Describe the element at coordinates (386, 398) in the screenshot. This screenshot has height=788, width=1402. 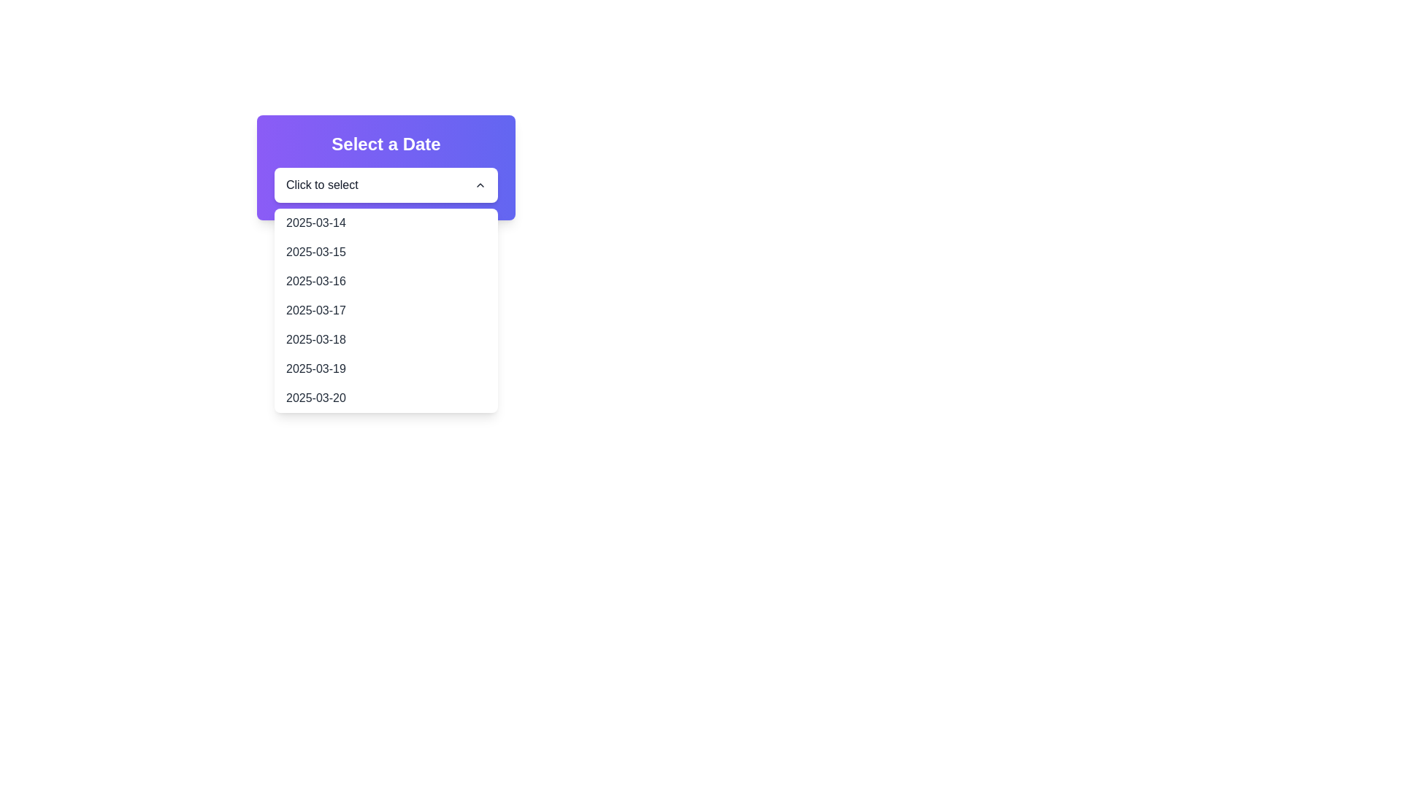
I see `the list item displaying the date '2025-03-20'` at that location.